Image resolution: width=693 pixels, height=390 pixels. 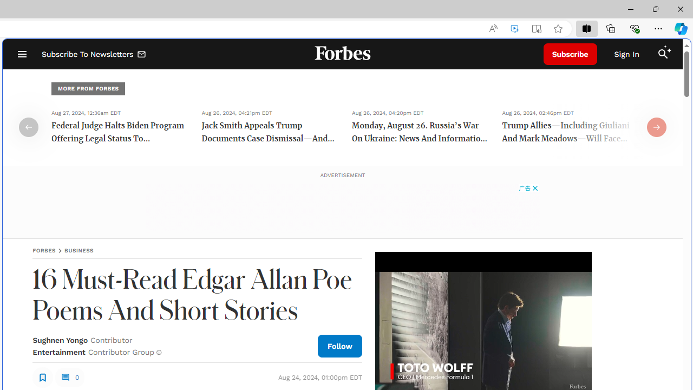 What do you see at coordinates (60, 340) in the screenshot?
I see `'Sughnen Yongo'` at bounding box center [60, 340].